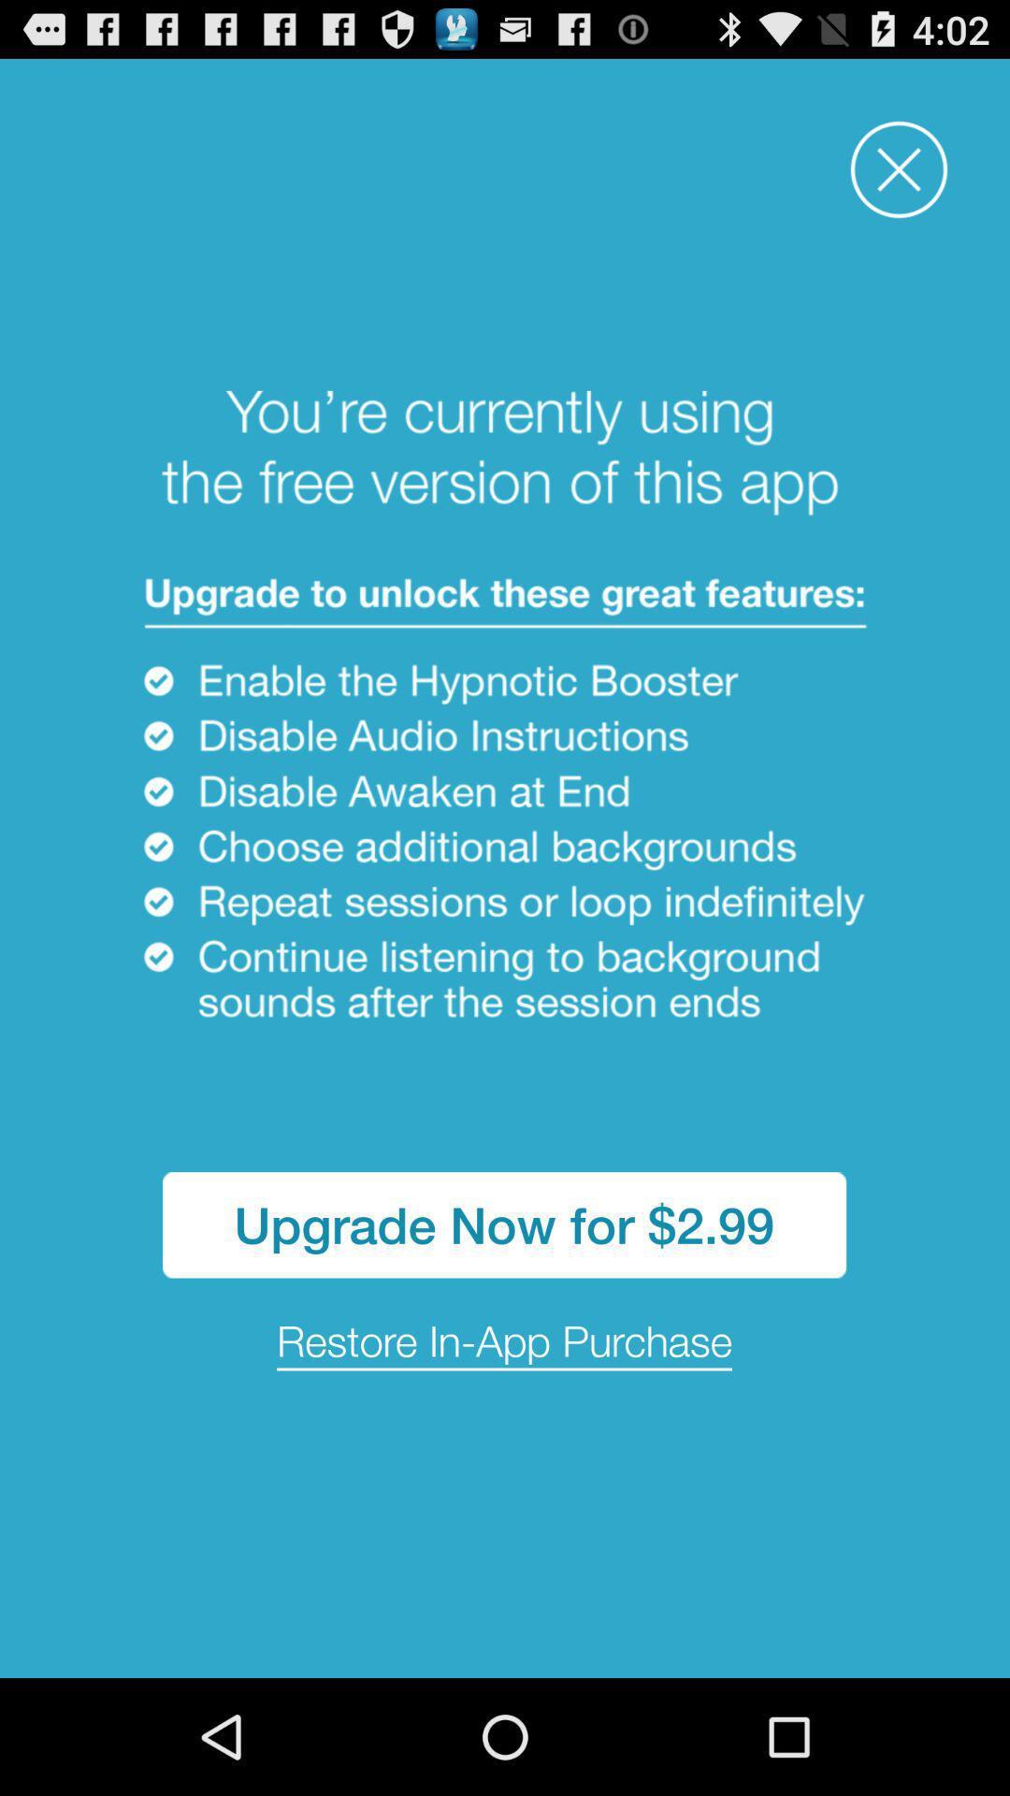 Image resolution: width=1010 pixels, height=1796 pixels. Describe the element at coordinates (503, 1341) in the screenshot. I see `the icon below the upgrade now for item` at that location.